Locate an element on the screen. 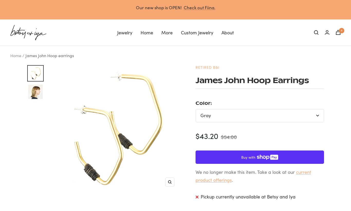 Image resolution: width=351 pixels, height=211 pixels. 'Earrings' is located at coordinates (43, 59).